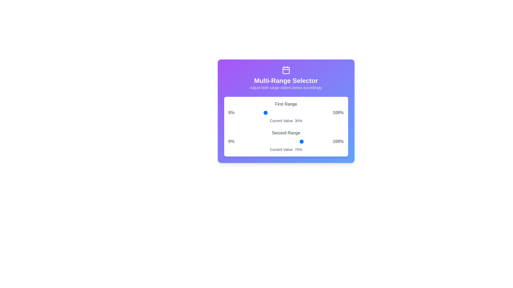  Describe the element at coordinates (324, 141) in the screenshot. I see `the second range slider` at that location.